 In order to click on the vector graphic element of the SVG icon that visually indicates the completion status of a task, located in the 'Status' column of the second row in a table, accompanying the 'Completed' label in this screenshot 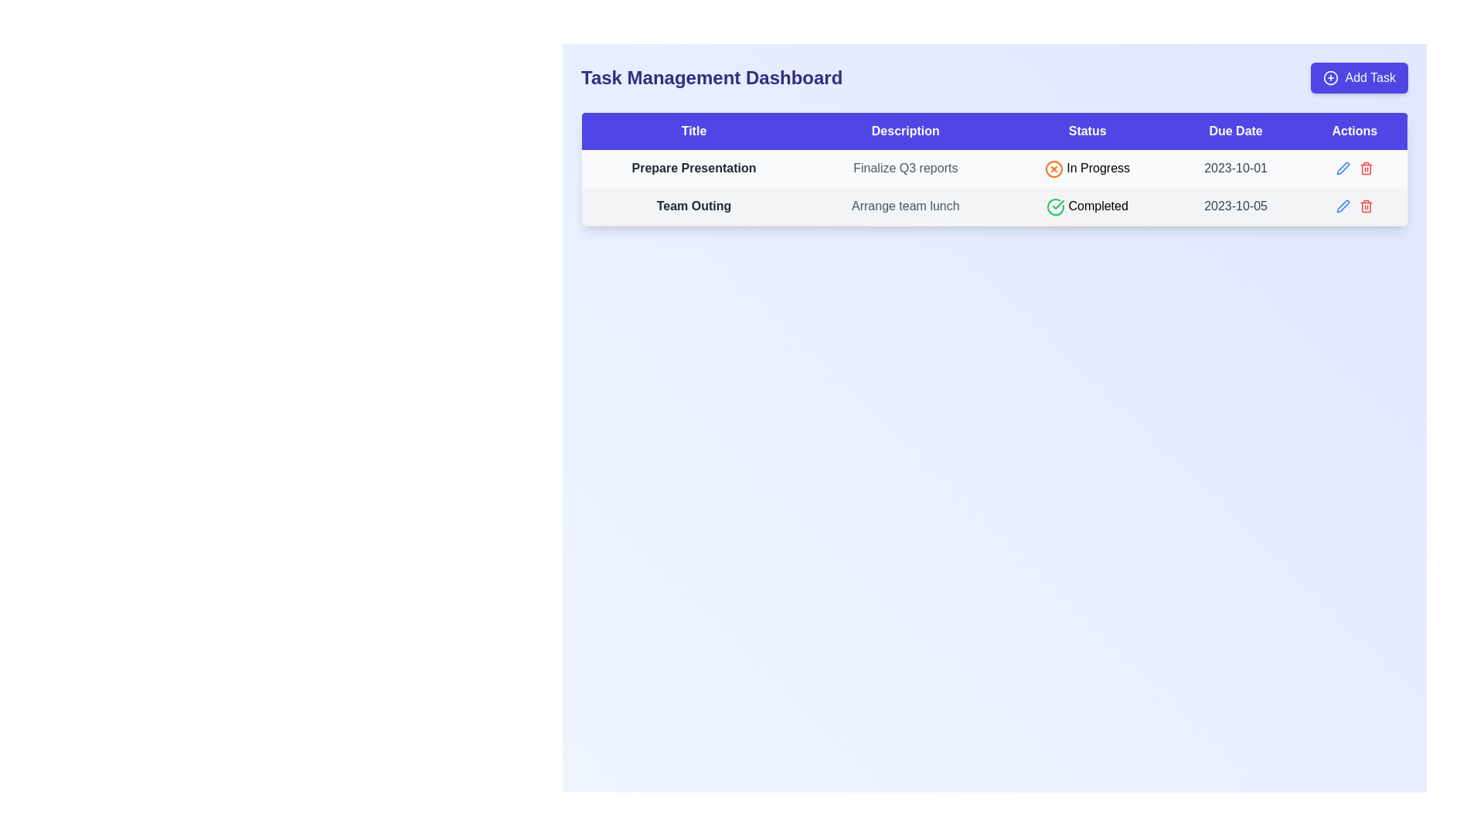, I will do `click(1055, 206)`.